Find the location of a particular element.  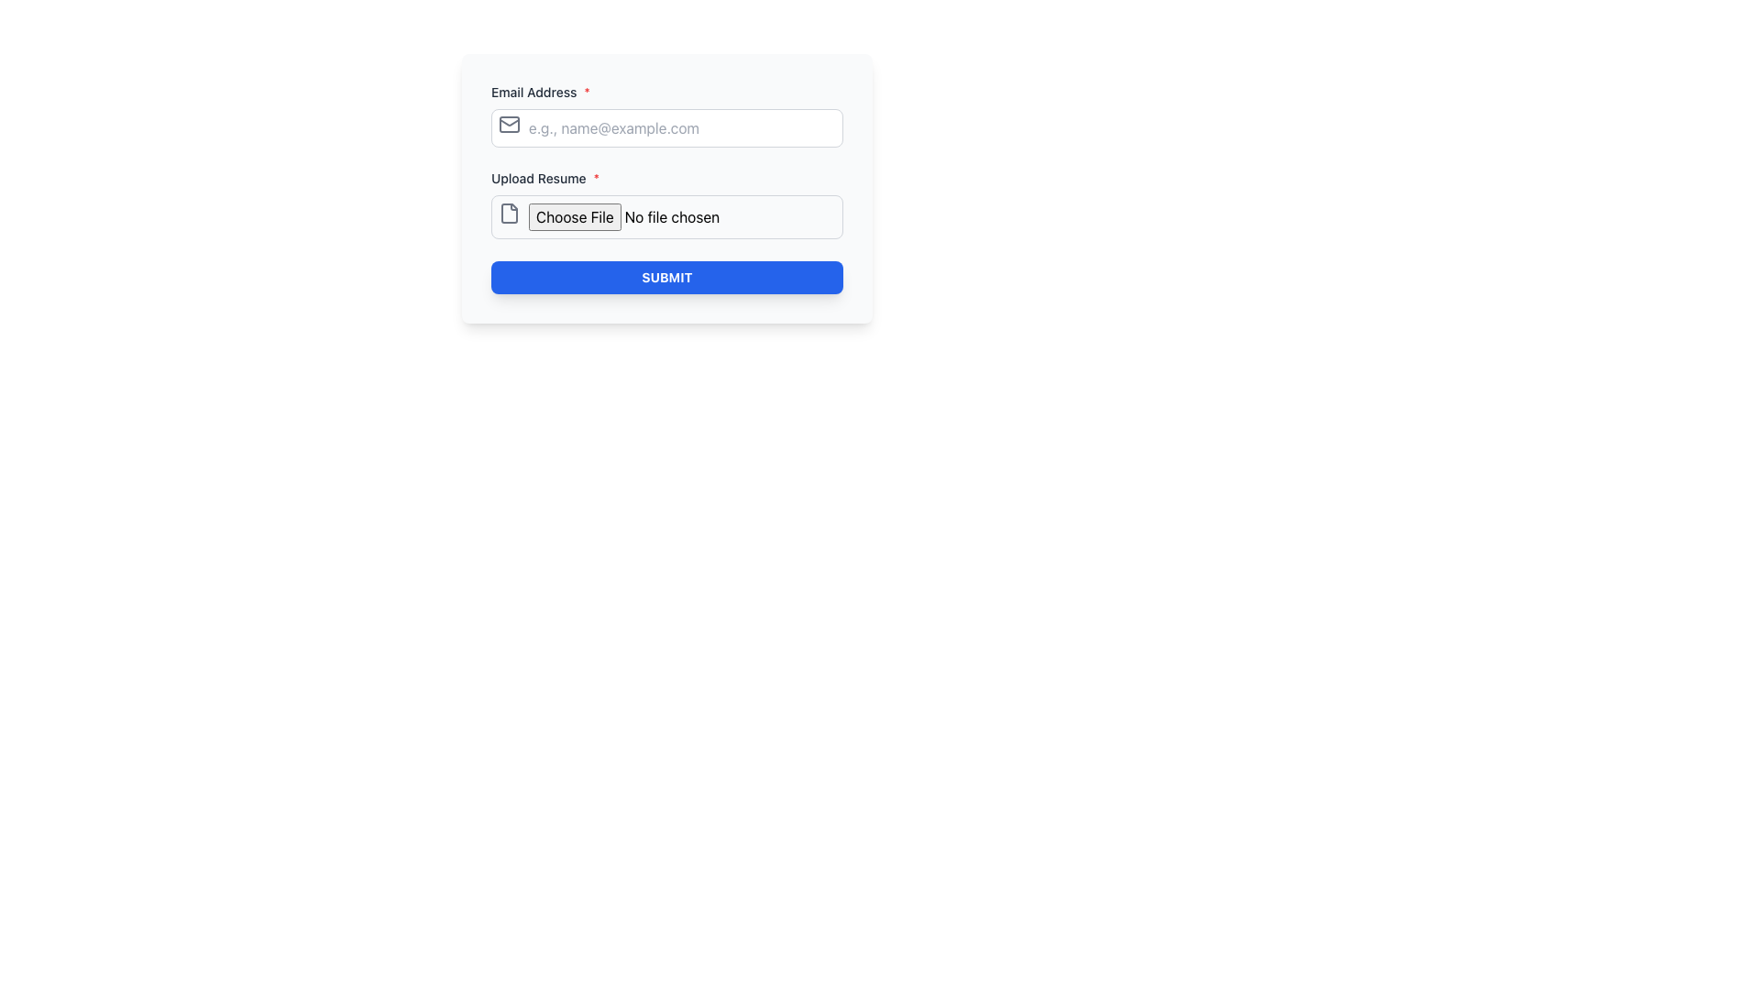

the file upload icon located to the left of the 'Choose File' button in the 'Upload Resume' field is located at coordinates (510, 212).